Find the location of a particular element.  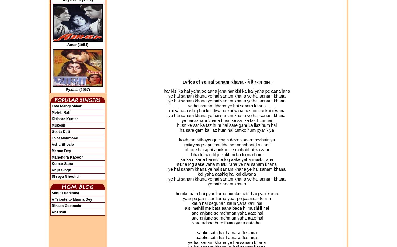

'Mohd. Rafi' is located at coordinates (61, 112).